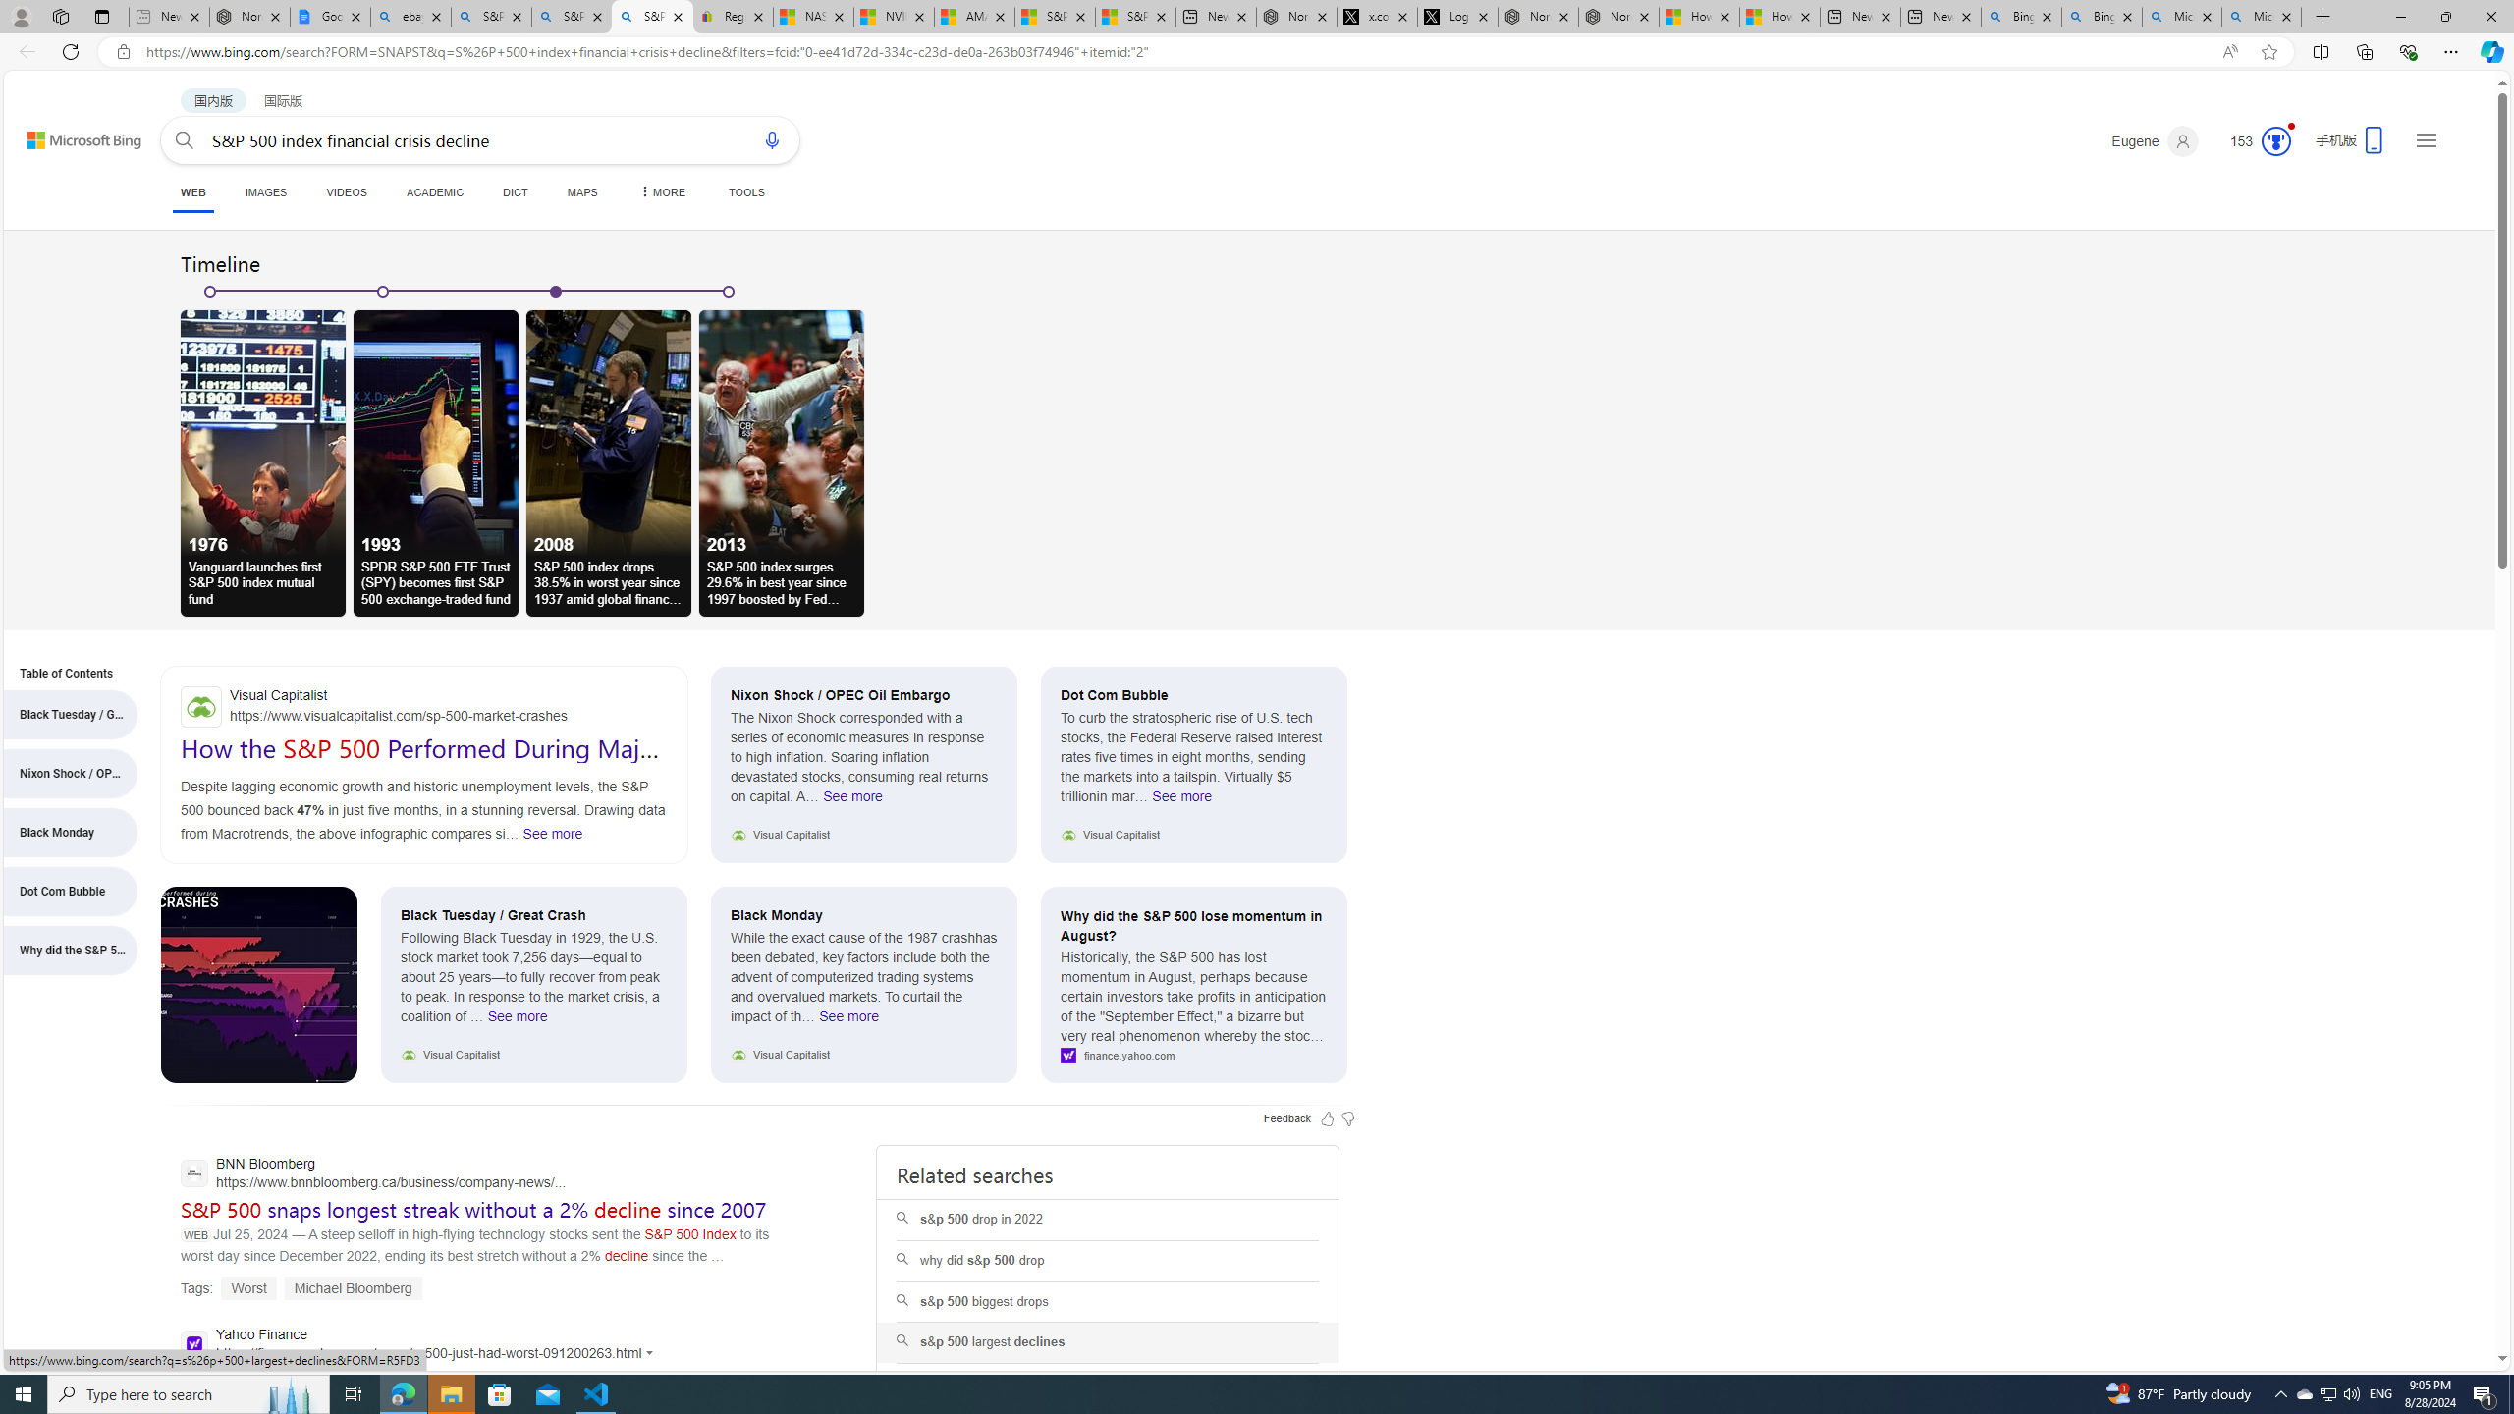  I want to click on 'Microsoft Bing Timeline - Search', so click(2261, 16).